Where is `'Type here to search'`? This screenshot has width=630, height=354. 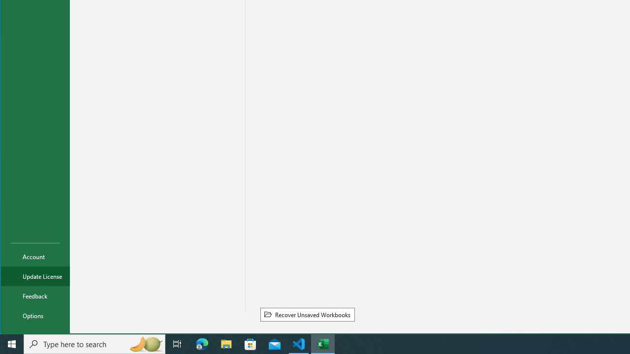 'Type here to search' is located at coordinates (94, 343).